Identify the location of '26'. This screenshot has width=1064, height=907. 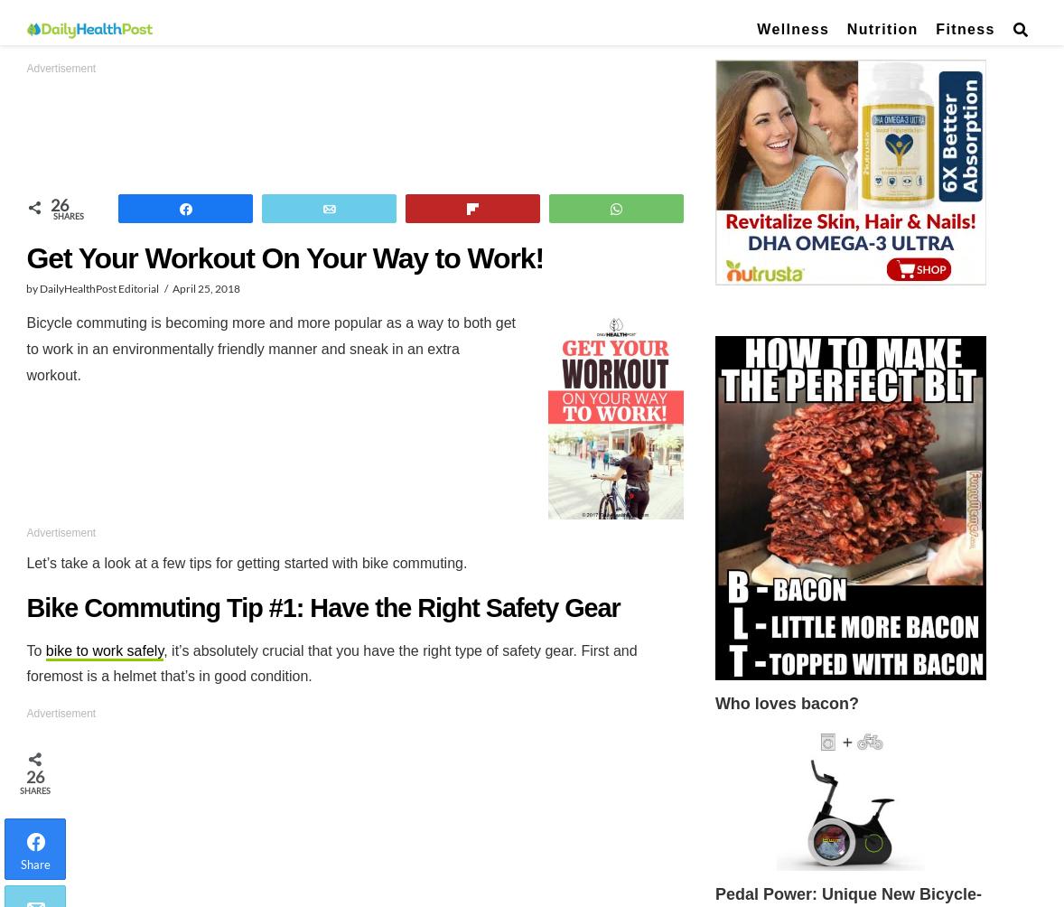
(58, 204).